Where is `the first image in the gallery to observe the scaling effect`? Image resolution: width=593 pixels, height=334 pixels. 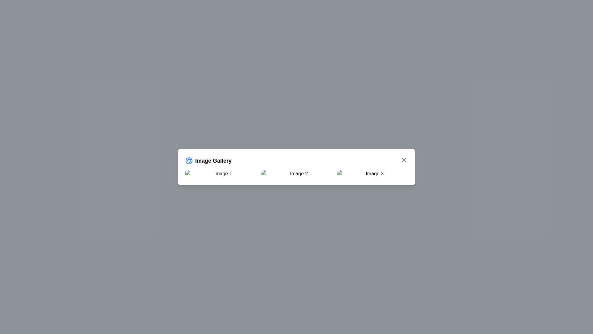 the first image in the gallery to observe the scaling effect is located at coordinates (221, 174).